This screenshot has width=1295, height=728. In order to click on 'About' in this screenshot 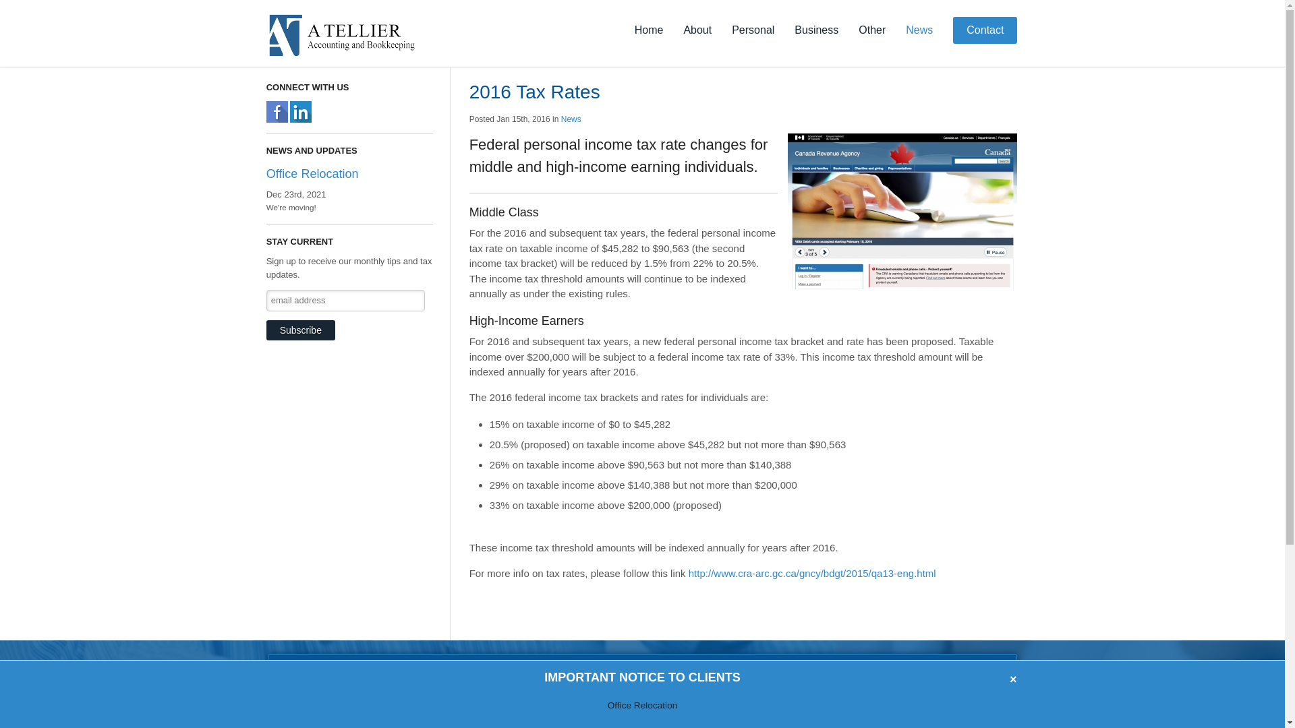, I will do `click(697, 30)`.